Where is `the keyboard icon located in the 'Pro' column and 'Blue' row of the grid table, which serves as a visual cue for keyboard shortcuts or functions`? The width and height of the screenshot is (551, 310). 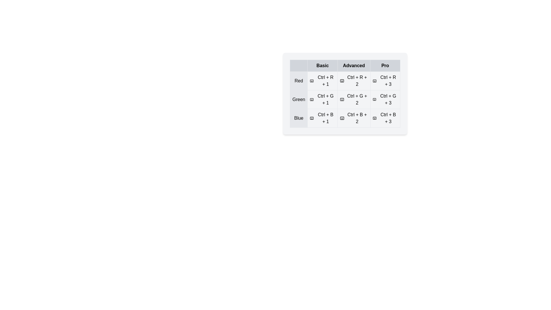
the keyboard icon located in the 'Pro' column and 'Blue' row of the grid table, which serves as a visual cue for keyboard shortcuts or functions is located at coordinates (375, 118).